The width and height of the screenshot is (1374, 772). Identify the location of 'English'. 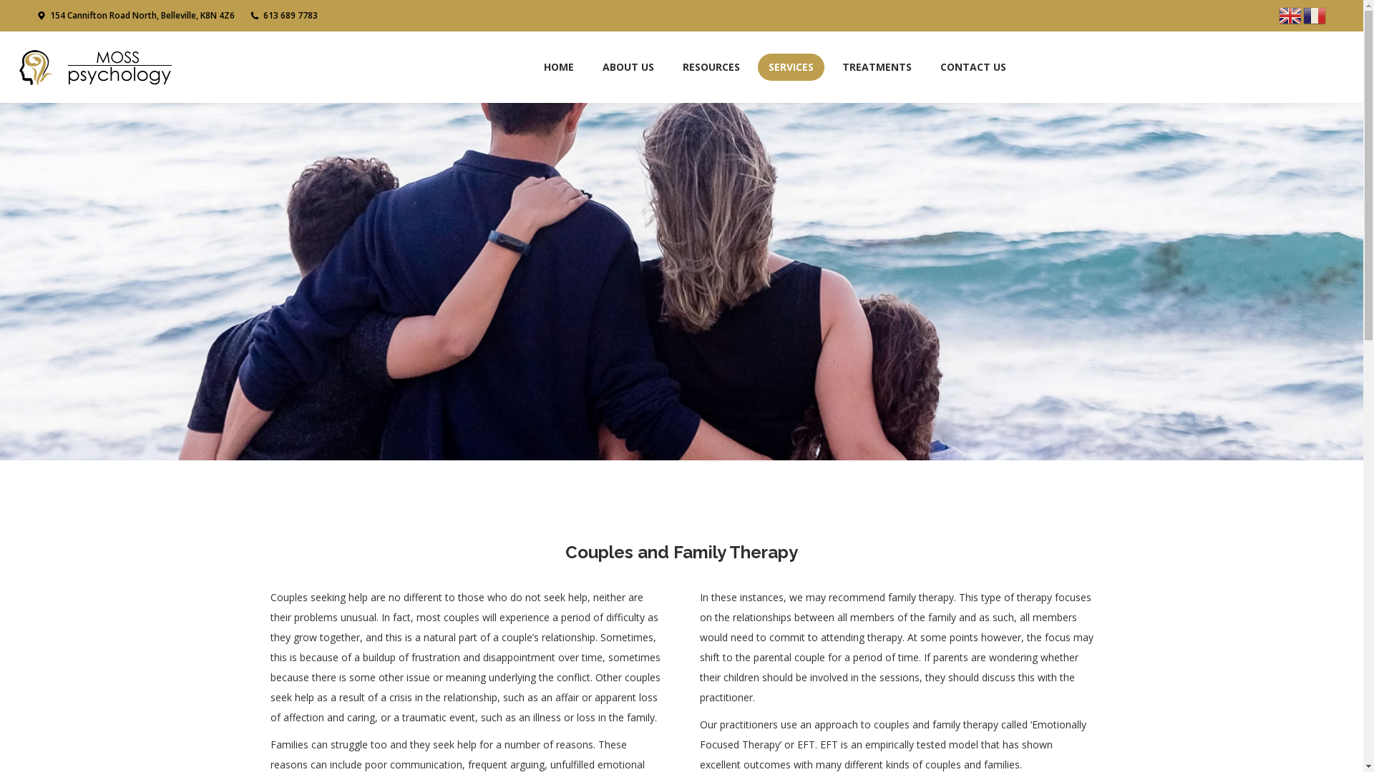
(1291, 14).